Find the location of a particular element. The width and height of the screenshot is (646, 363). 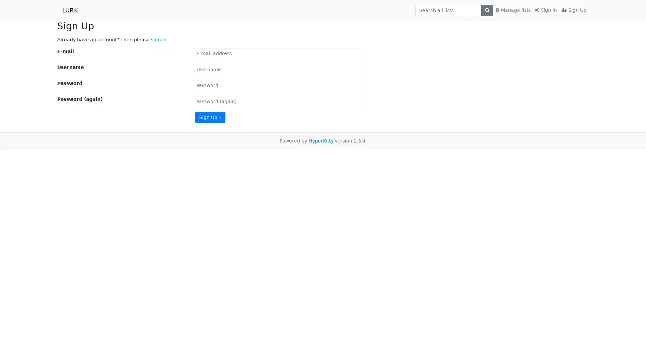

Sign Up is located at coordinates (210, 117).